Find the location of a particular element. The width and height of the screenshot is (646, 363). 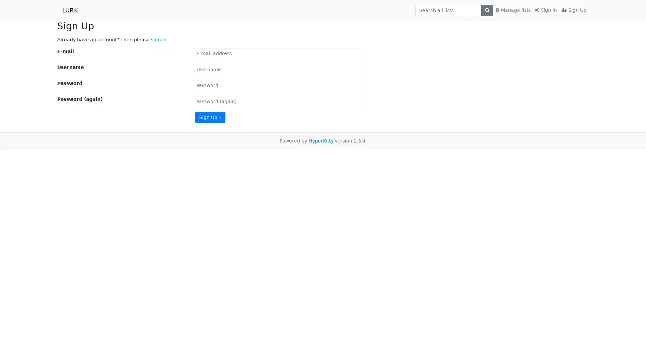

Sign Up is located at coordinates (210, 117).